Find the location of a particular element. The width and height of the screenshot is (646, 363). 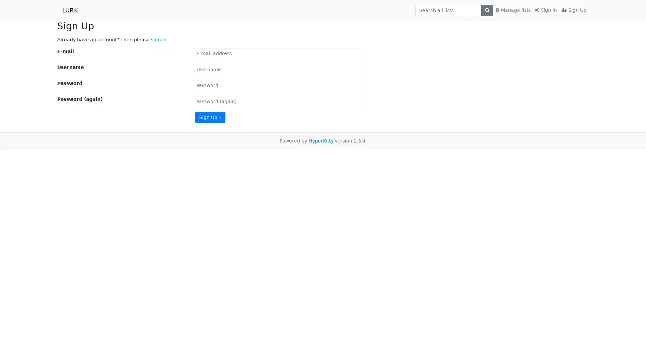

Sign Up is located at coordinates (210, 117).